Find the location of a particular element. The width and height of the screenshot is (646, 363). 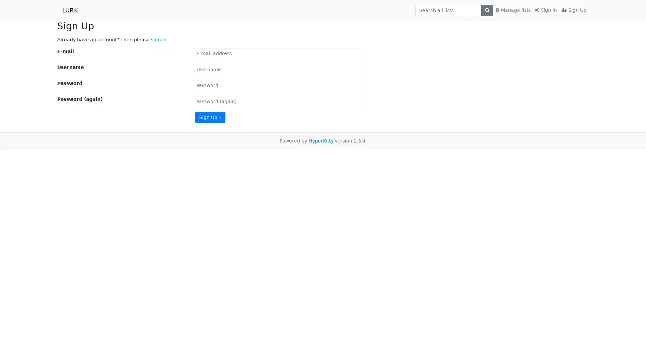

Sign Up is located at coordinates (210, 117).